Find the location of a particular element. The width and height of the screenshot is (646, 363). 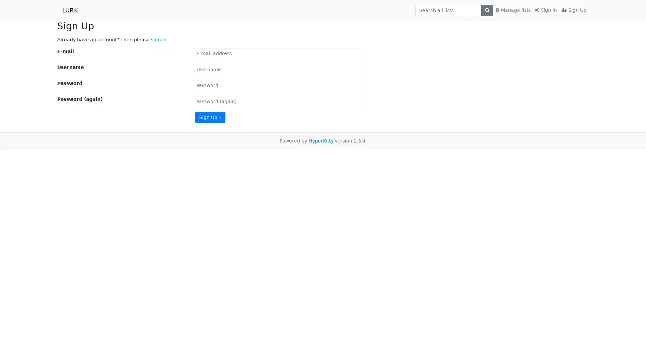

Sign Up is located at coordinates (210, 117).